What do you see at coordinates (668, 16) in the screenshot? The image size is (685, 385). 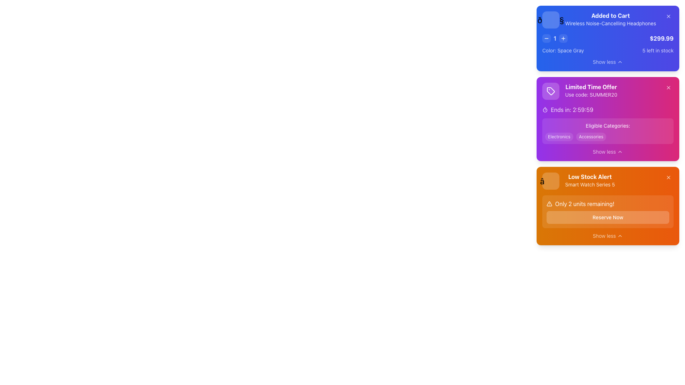 I see `the close button located at the top-right corner of the 'Added to Cart' notification card` at bounding box center [668, 16].